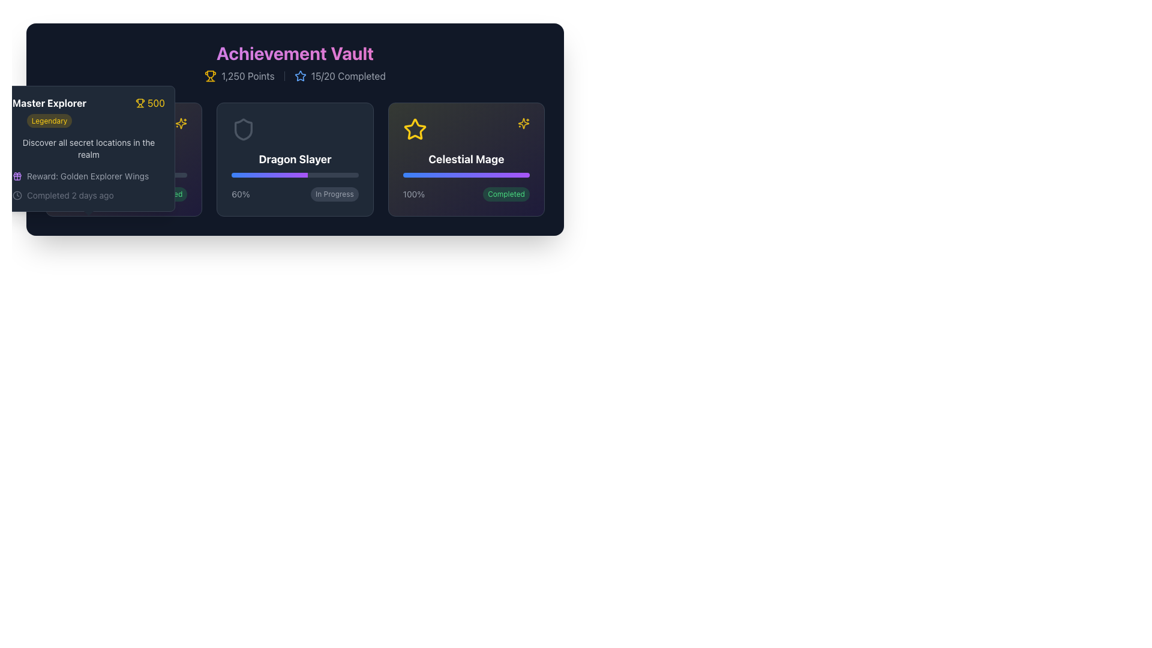  I want to click on the Informational Card located at the top-left corner of the layout, which displays details about an achievement including its name, status, rewards, and completion status, so click(88, 148).